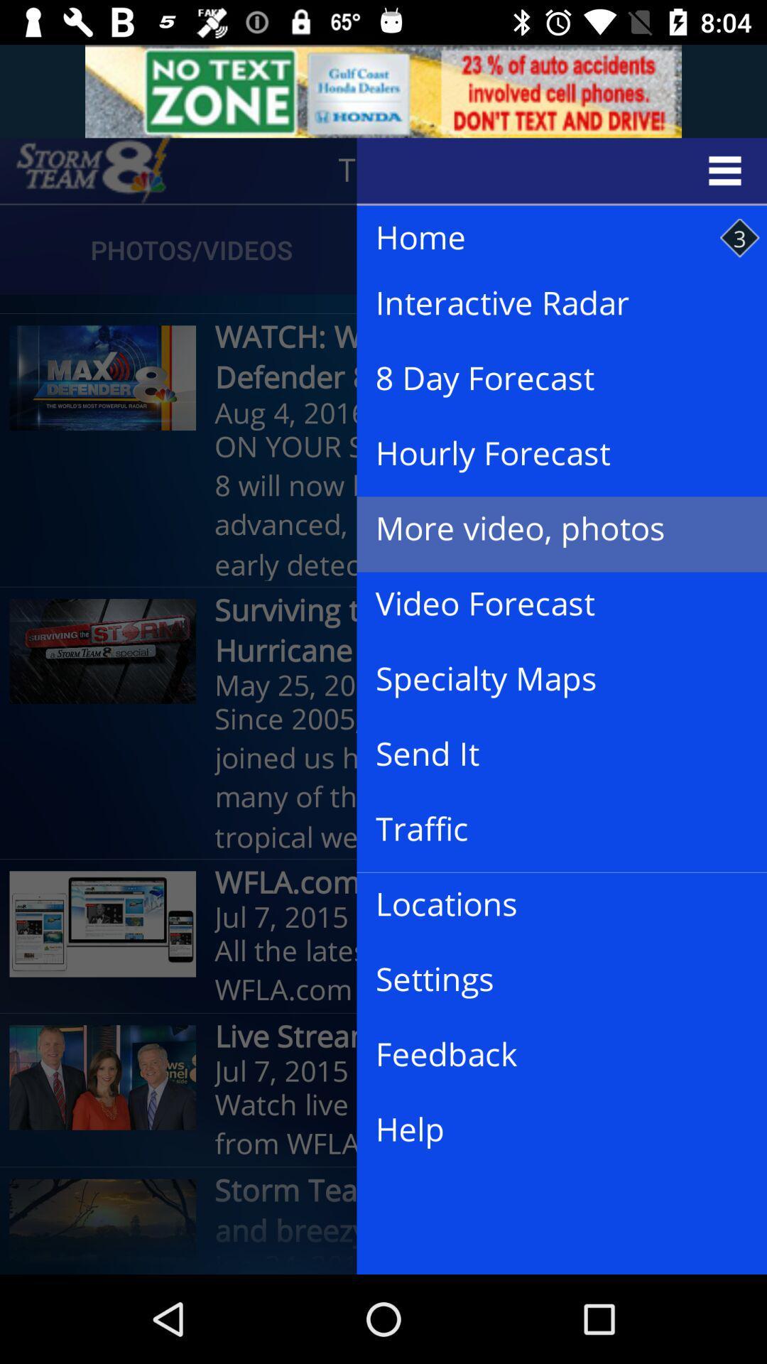 The width and height of the screenshot is (767, 1364). I want to click on advertisements, so click(383, 90).